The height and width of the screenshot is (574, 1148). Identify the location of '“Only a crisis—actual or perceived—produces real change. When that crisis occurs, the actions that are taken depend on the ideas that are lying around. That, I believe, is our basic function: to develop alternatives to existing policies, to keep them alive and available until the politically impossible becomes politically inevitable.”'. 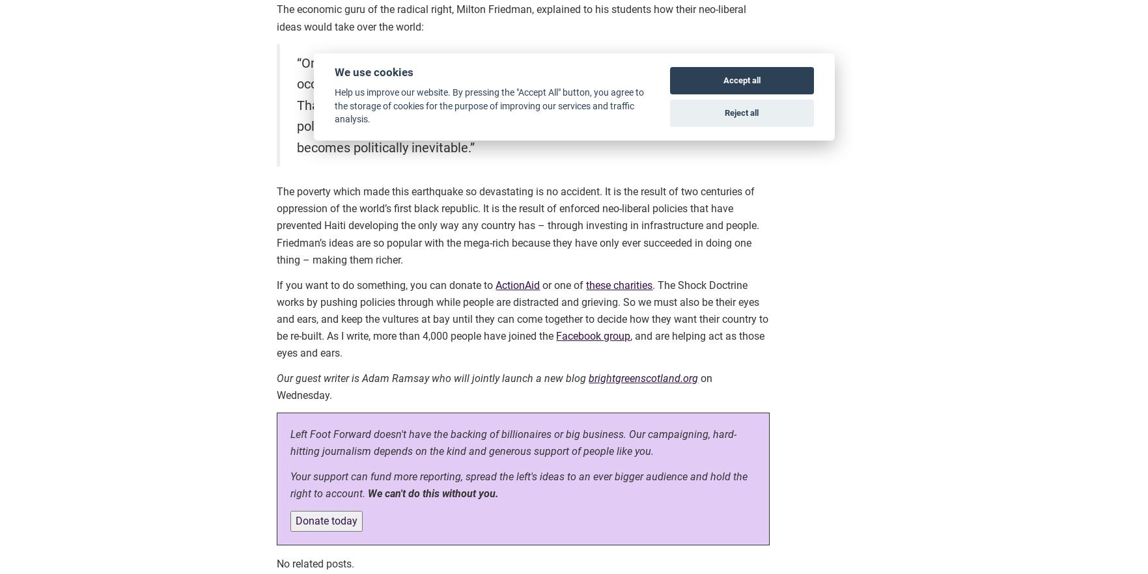
(516, 103).